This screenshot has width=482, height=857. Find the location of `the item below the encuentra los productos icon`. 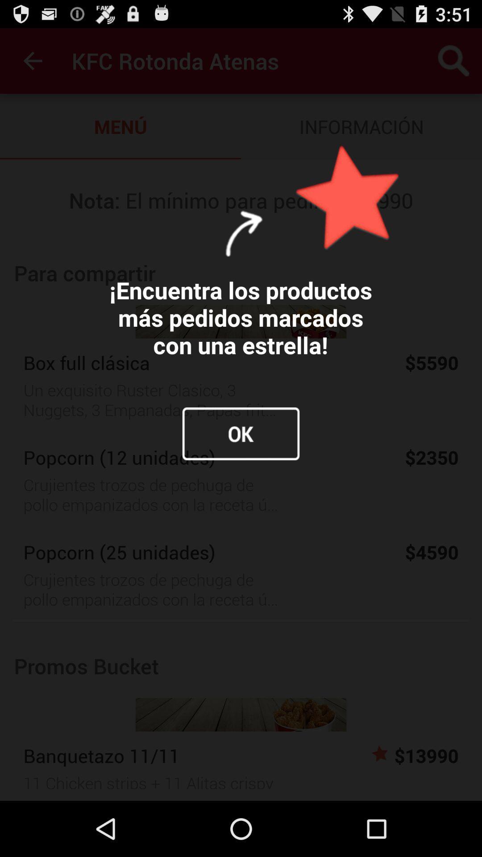

the item below the encuentra los productos icon is located at coordinates (241, 433).